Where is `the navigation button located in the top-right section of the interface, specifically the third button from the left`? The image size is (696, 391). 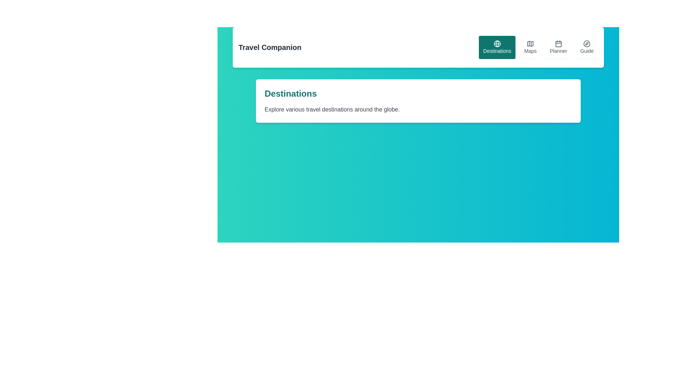 the navigation button located in the top-right section of the interface, specifically the third button from the left is located at coordinates (558, 47).